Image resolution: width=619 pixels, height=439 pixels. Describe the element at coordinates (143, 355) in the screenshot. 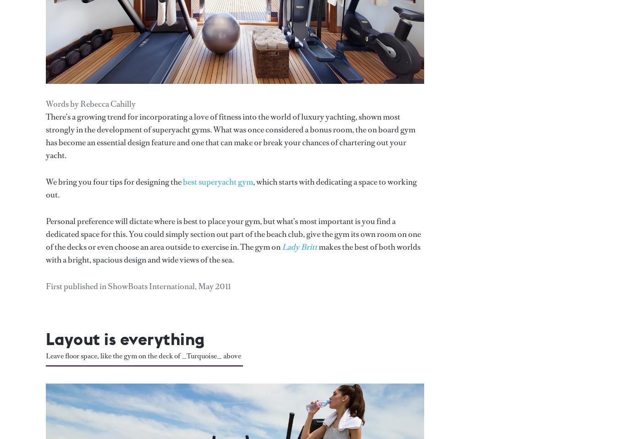

I see `'Leave floor space, like the gym on the deck of _Turquoise_ above'` at that location.